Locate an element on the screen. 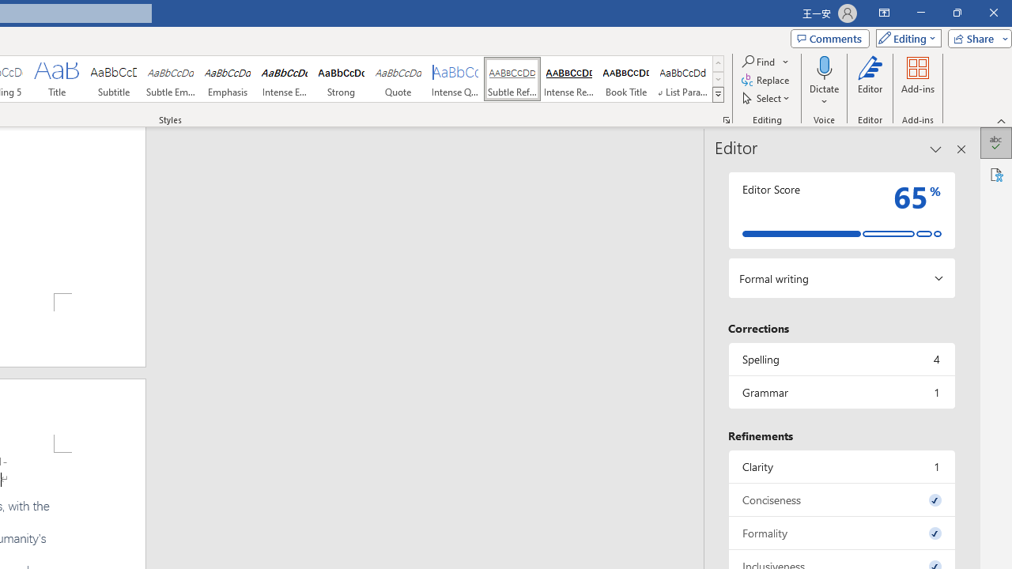 The width and height of the screenshot is (1012, 569). 'Strong' is located at coordinates (341, 79).